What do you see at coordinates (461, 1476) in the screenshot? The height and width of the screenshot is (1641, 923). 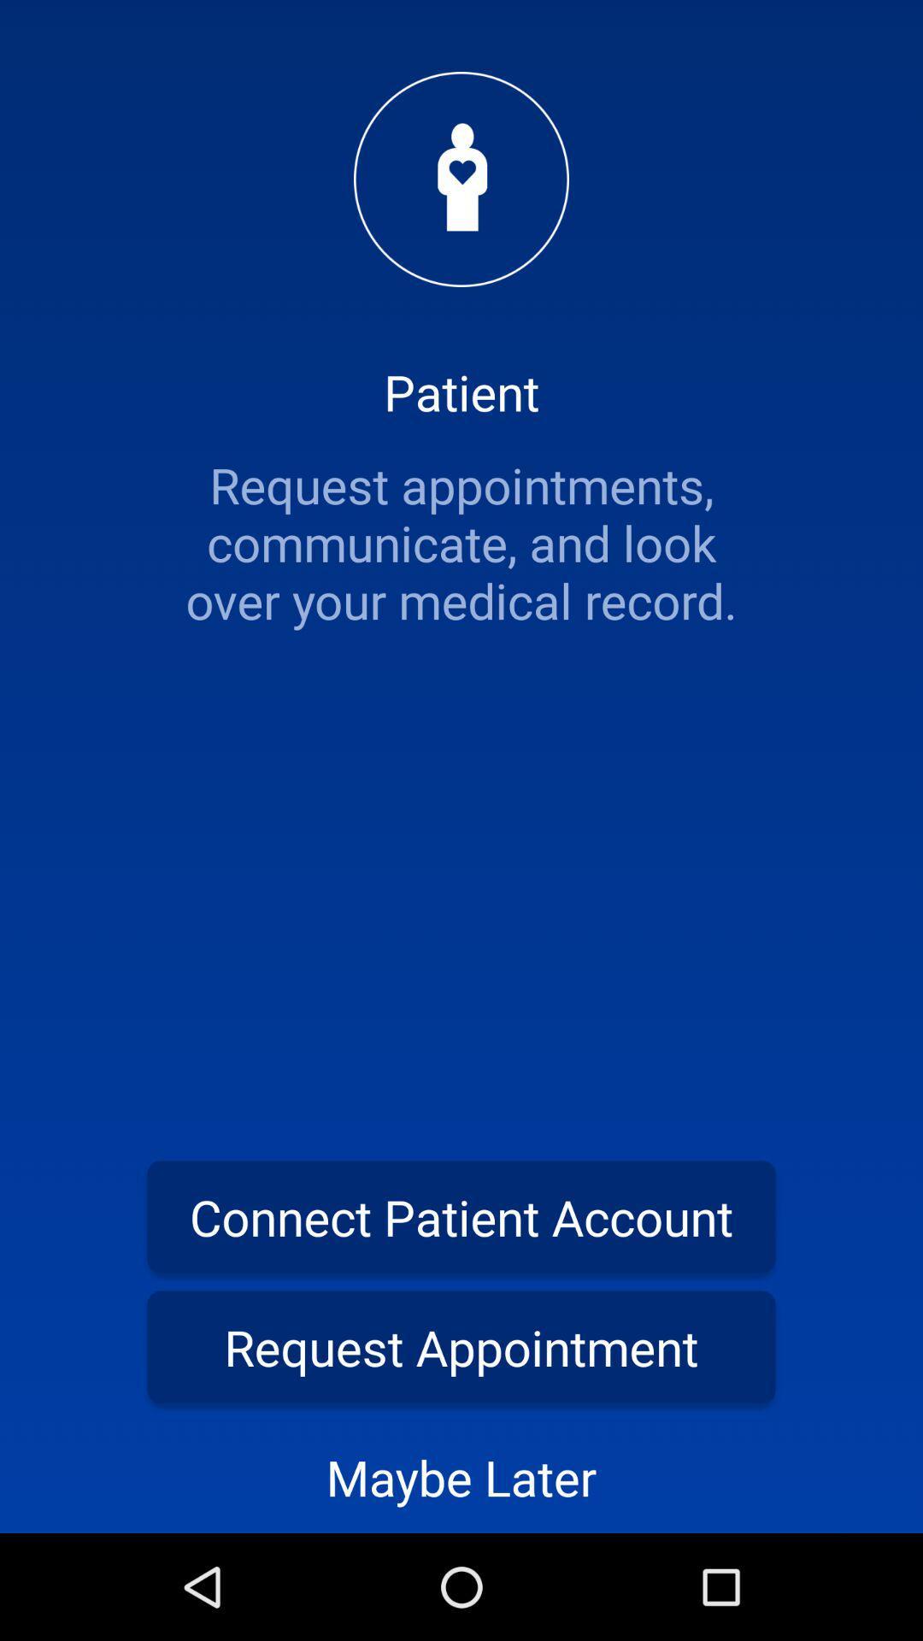 I see `the maybe later item` at bounding box center [461, 1476].